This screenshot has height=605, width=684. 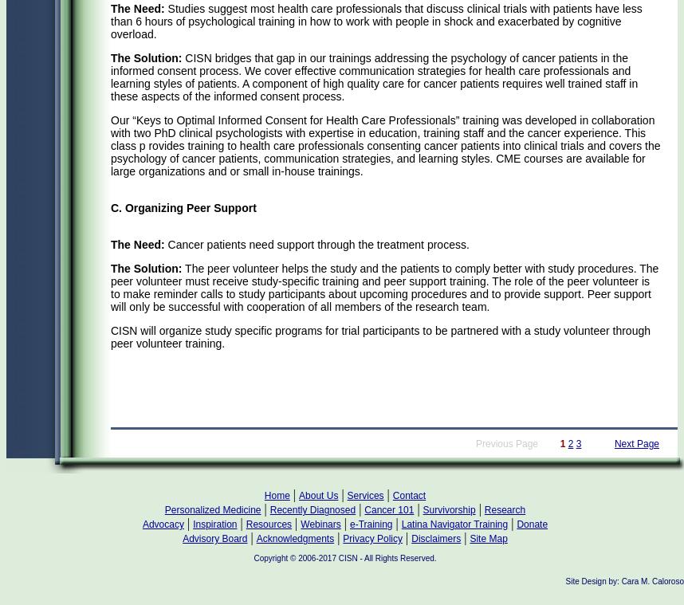 What do you see at coordinates (374, 76) in the screenshot?
I see `'CISN bridges that gap in our trainings addressing the psychology of cancer patients in the informed consent process. We cover effective communication strategies for health care professionals and learning styles of patients. A component of high quality care for cancer patients requires well trained staff in these aspects of the informed consent process.'` at bounding box center [374, 76].